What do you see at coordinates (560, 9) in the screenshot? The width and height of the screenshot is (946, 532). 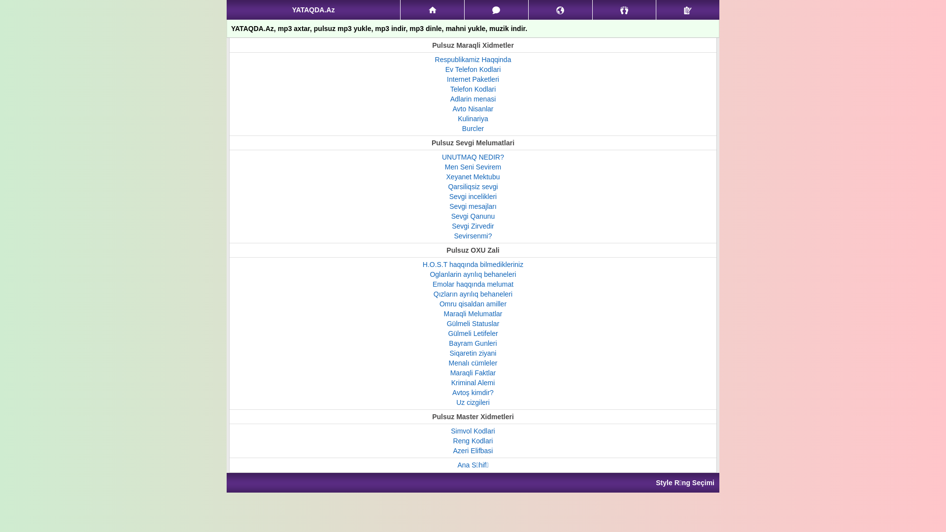 I see `'Bildirisler'` at bounding box center [560, 9].